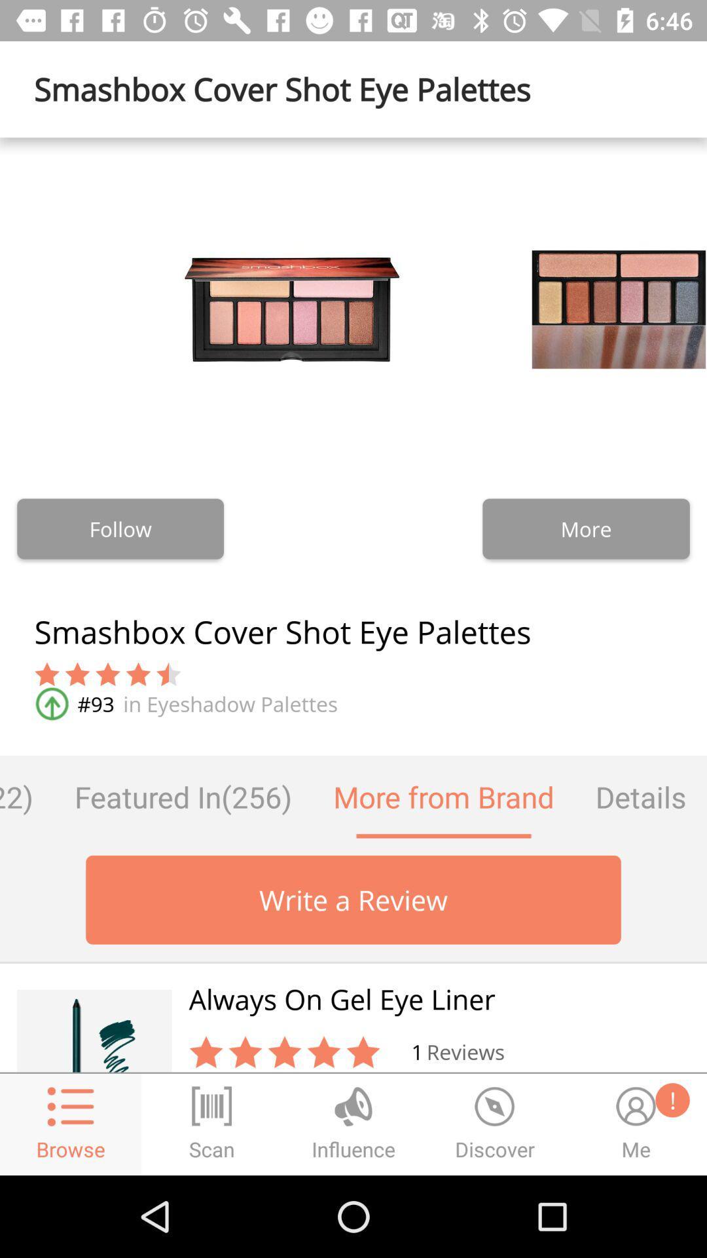 This screenshot has width=707, height=1258. Describe the element at coordinates (27, 796) in the screenshot. I see `the questions (122) item` at that location.